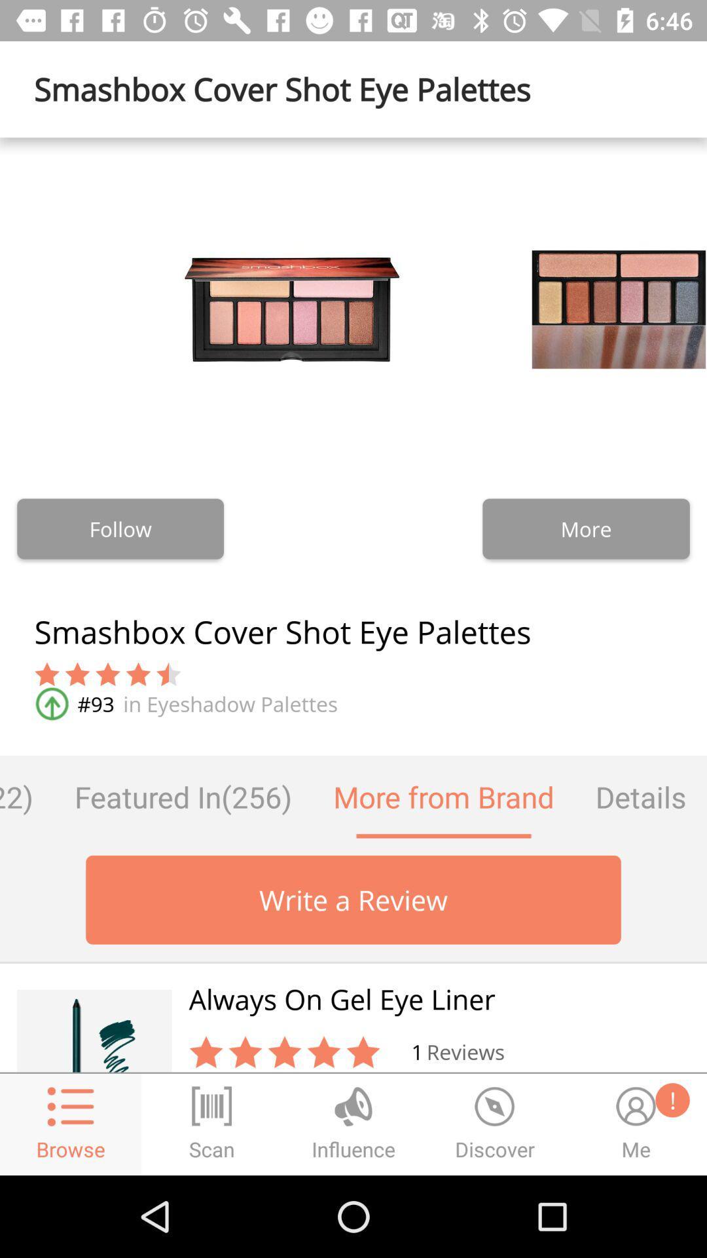 This screenshot has width=707, height=1258. Describe the element at coordinates (27, 796) in the screenshot. I see `the questions (122) item` at that location.